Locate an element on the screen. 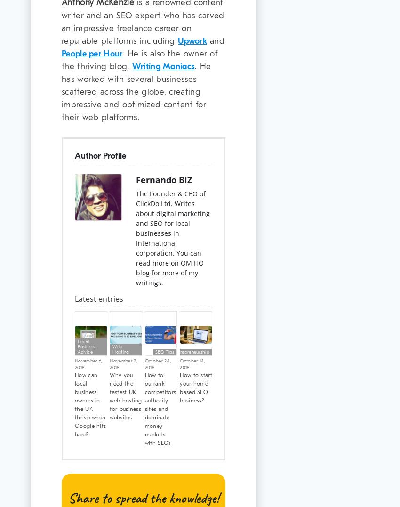 This screenshot has height=507, width=400. 'Latest entries' is located at coordinates (98, 298).